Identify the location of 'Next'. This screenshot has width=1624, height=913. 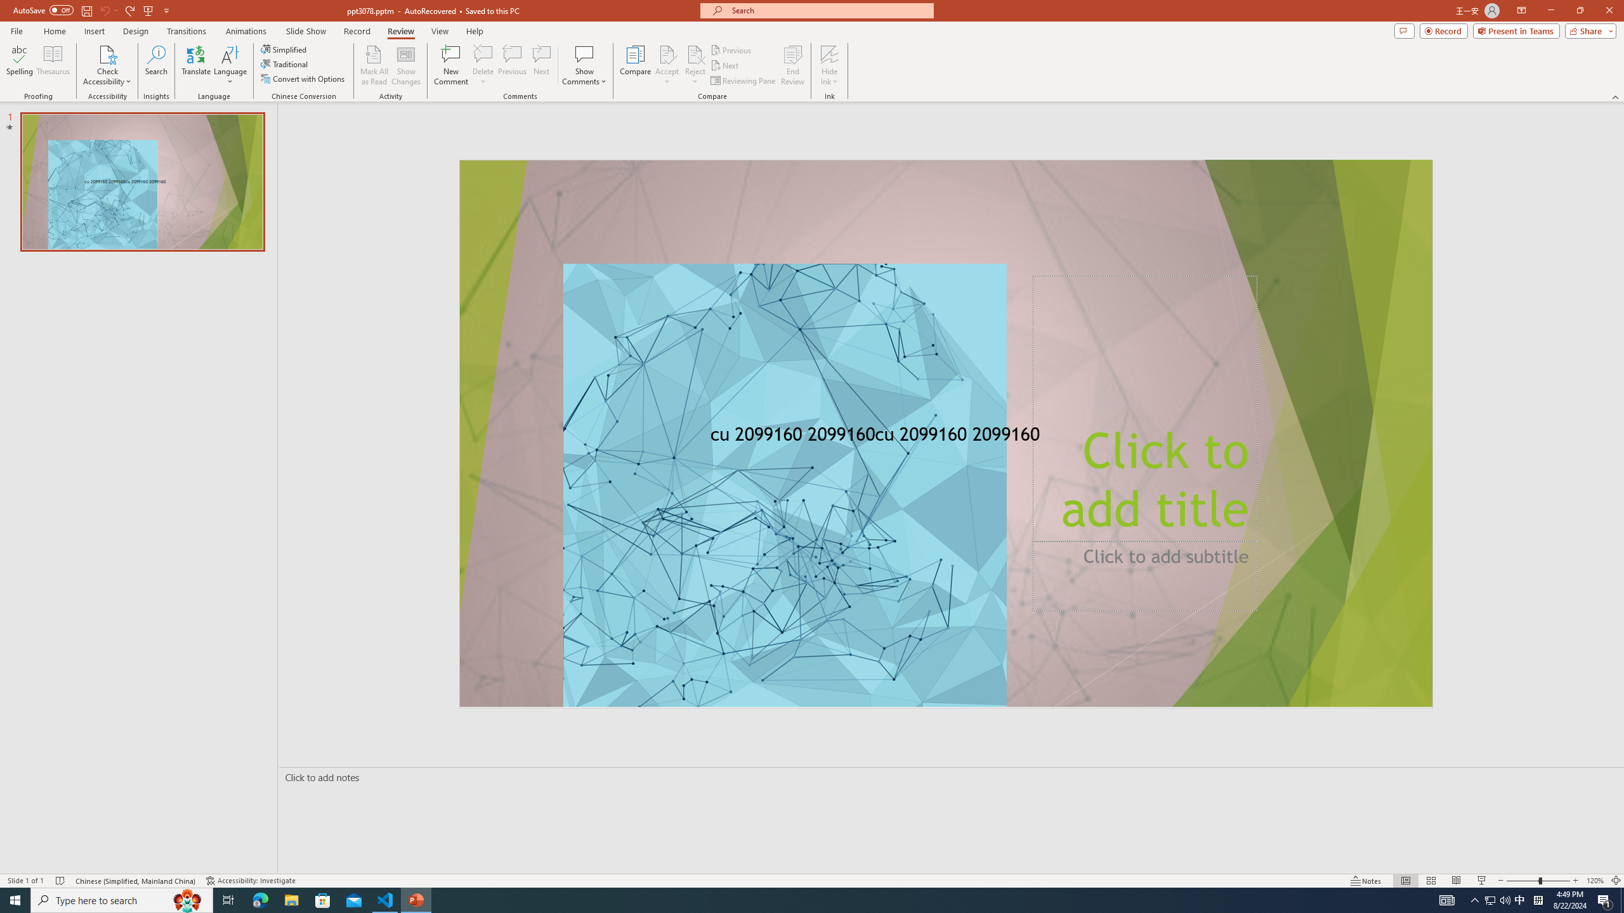
(724, 65).